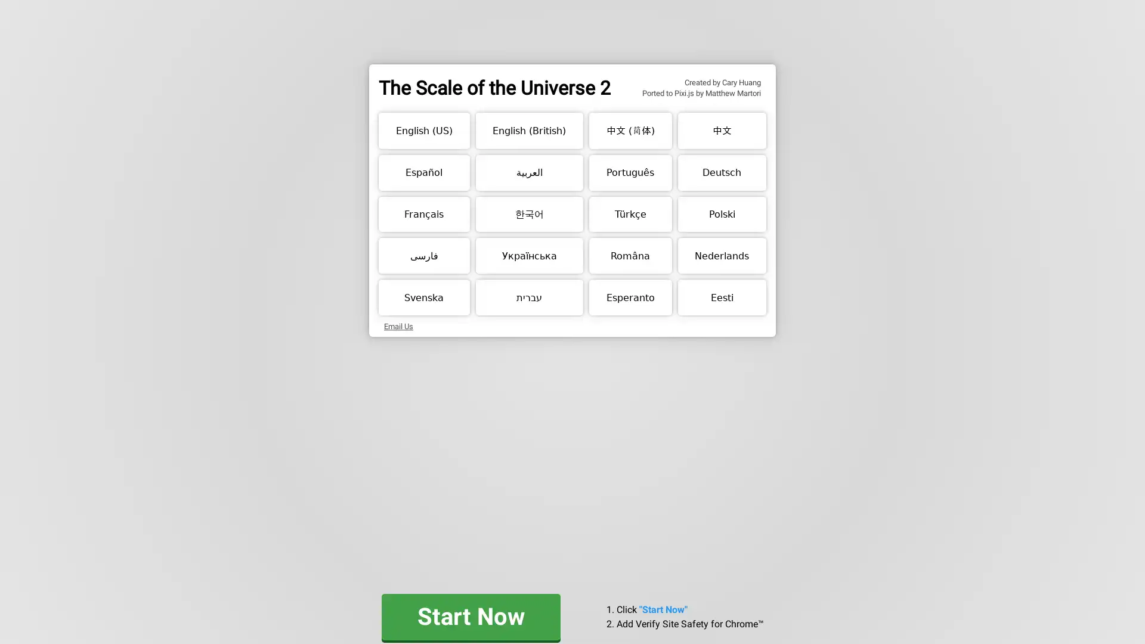 The height and width of the screenshot is (644, 1145). Describe the element at coordinates (423, 213) in the screenshot. I see `Francais` at that location.